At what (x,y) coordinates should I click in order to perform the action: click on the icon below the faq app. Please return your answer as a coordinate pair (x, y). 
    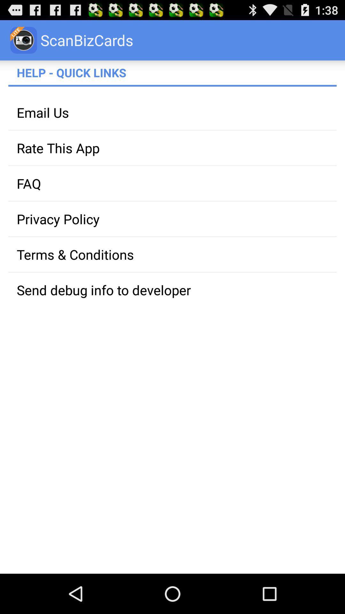
    Looking at the image, I should click on (172, 219).